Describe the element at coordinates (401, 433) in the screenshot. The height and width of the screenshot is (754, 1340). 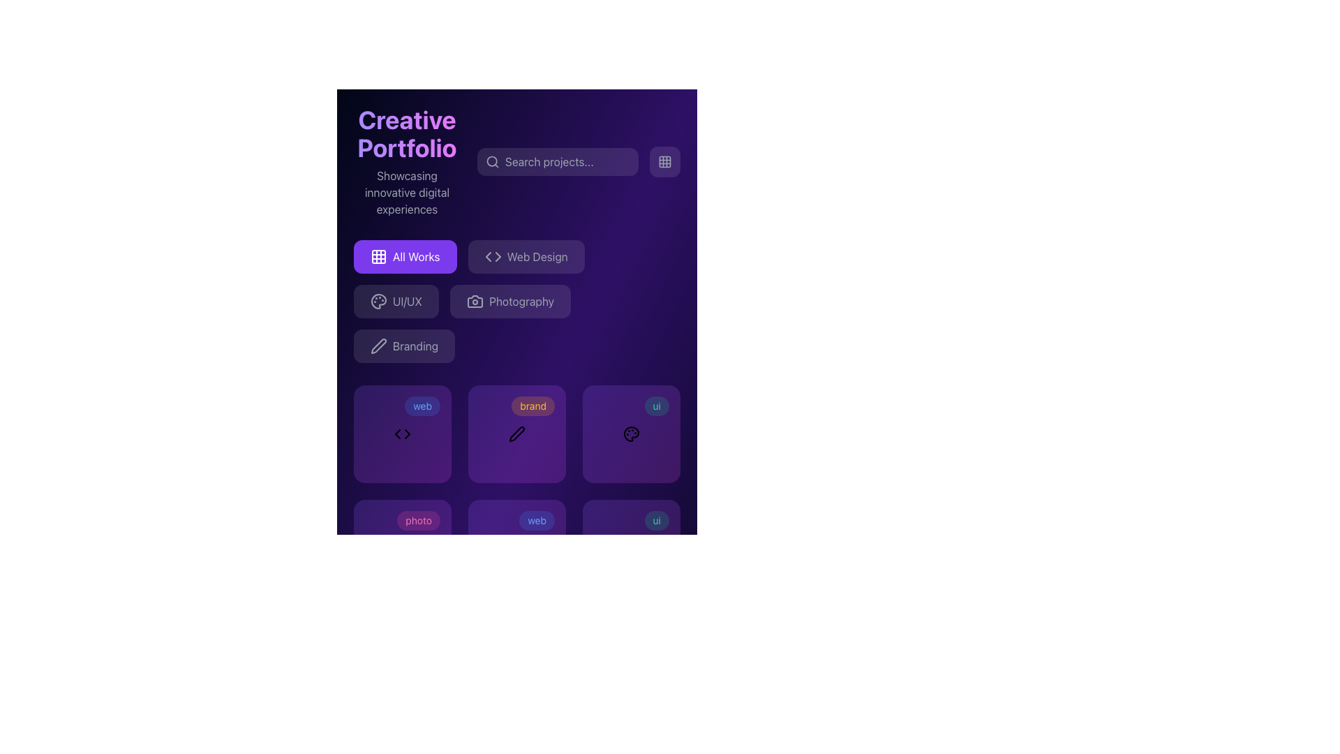
I see `the icon that symbolizes or links to code or development tasks, located centrally within a square card in the second row, first column of the grid` at that location.